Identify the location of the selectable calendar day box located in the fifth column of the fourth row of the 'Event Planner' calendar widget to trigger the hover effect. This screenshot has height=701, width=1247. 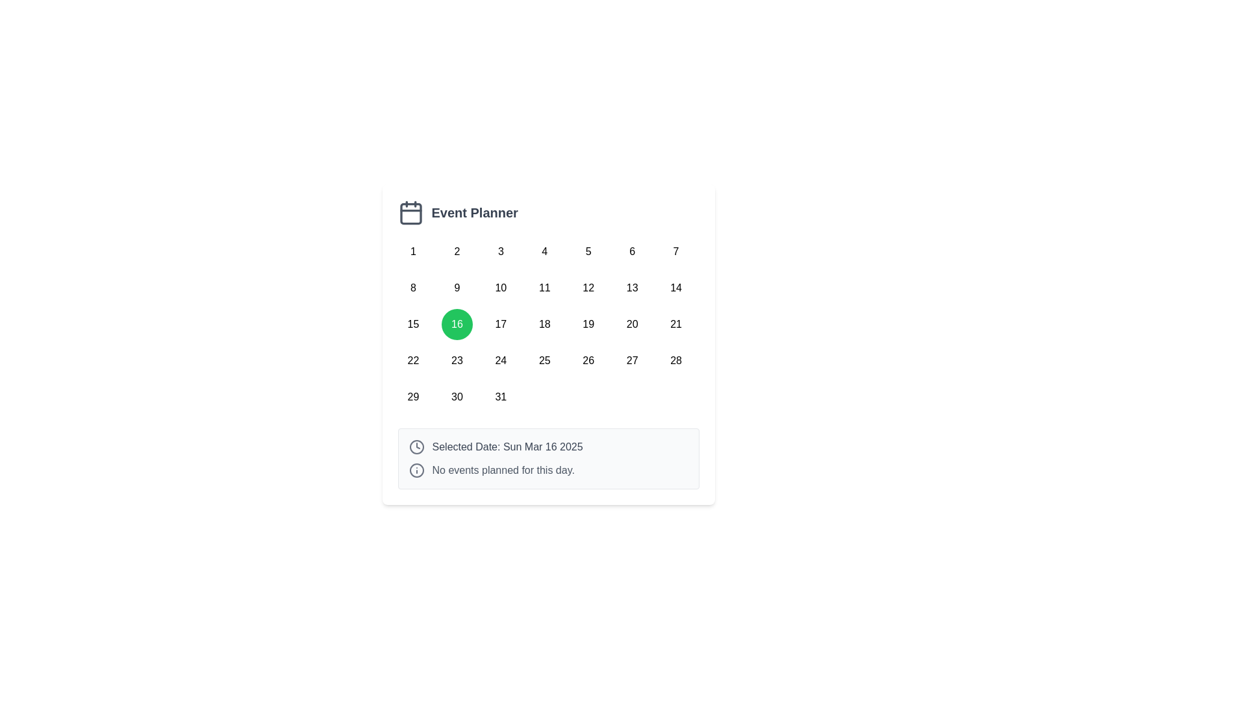
(588, 360).